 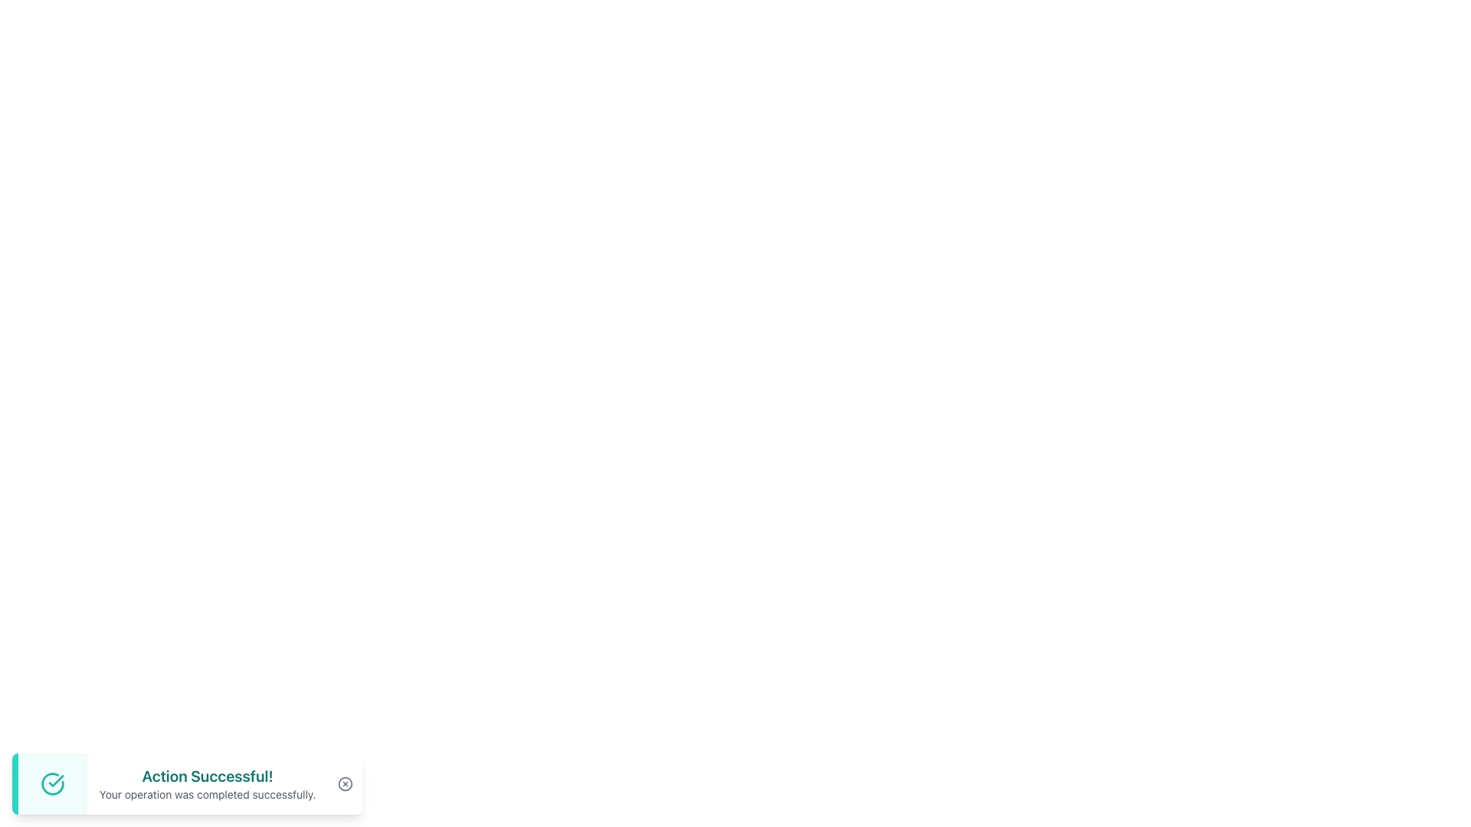 I want to click on the notification message box that displays 'Action Successful!' with a teal accent line on the left by clicking on its center, so click(x=186, y=783).